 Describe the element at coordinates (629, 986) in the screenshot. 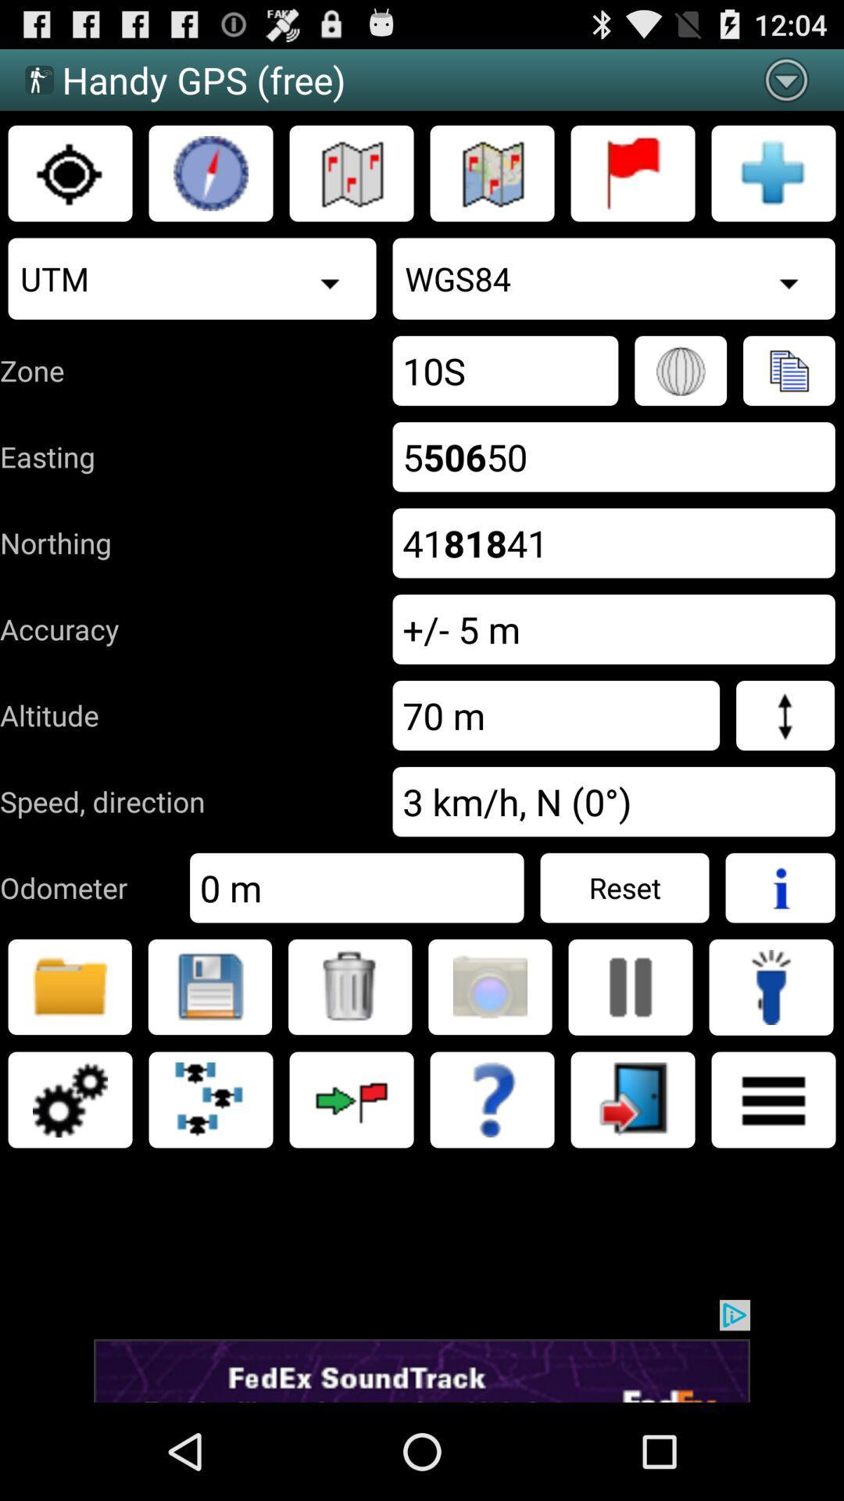

I see `pause` at that location.